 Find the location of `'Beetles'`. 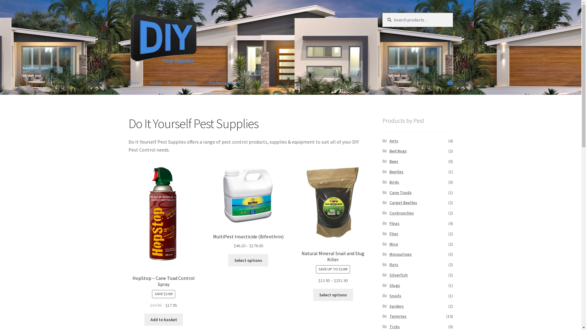

'Beetles' is located at coordinates (396, 172).